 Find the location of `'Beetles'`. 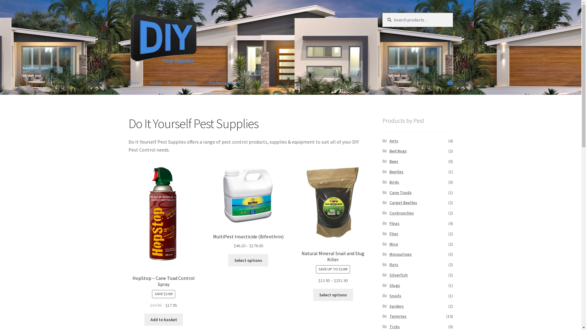

'Beetles' is located at coordinates (396, 172).